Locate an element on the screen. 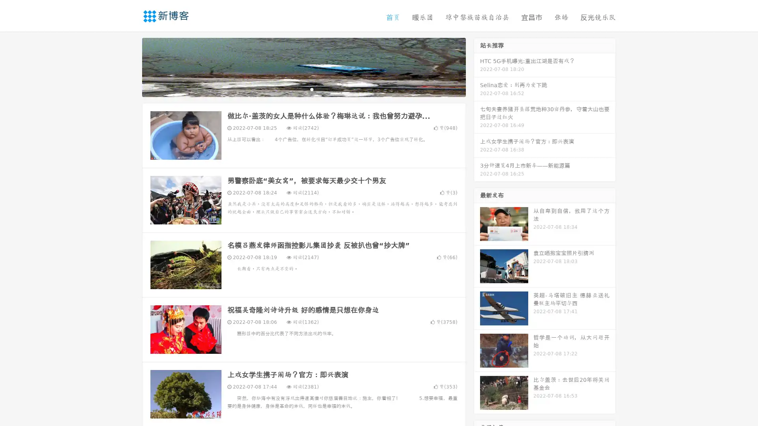  Go to slide 3 is located at coordinates (311, 89).